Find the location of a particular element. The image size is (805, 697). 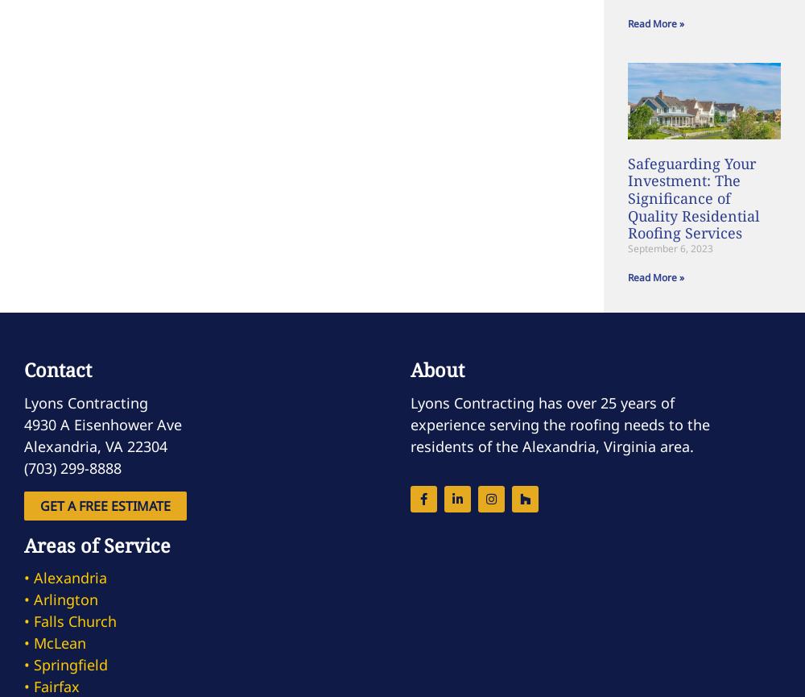

'Safeguarding Your Investment: The Significance of Quality Residential Roofing Services' is located at coordinates (693, 197).